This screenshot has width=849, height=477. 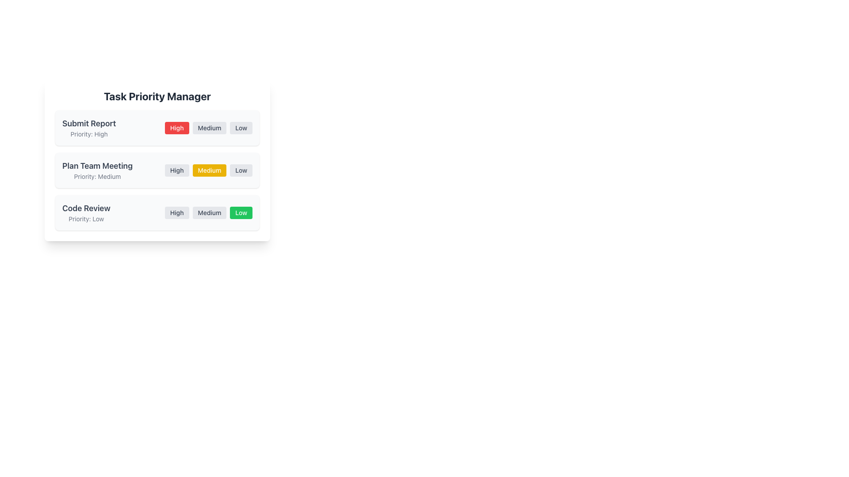 What do you see at coordinates (241, 213) in the screenshot?
I see `the 'Low' priority button located in the 'Task Priority Manager' interface by` at bounding box center [241, 213].